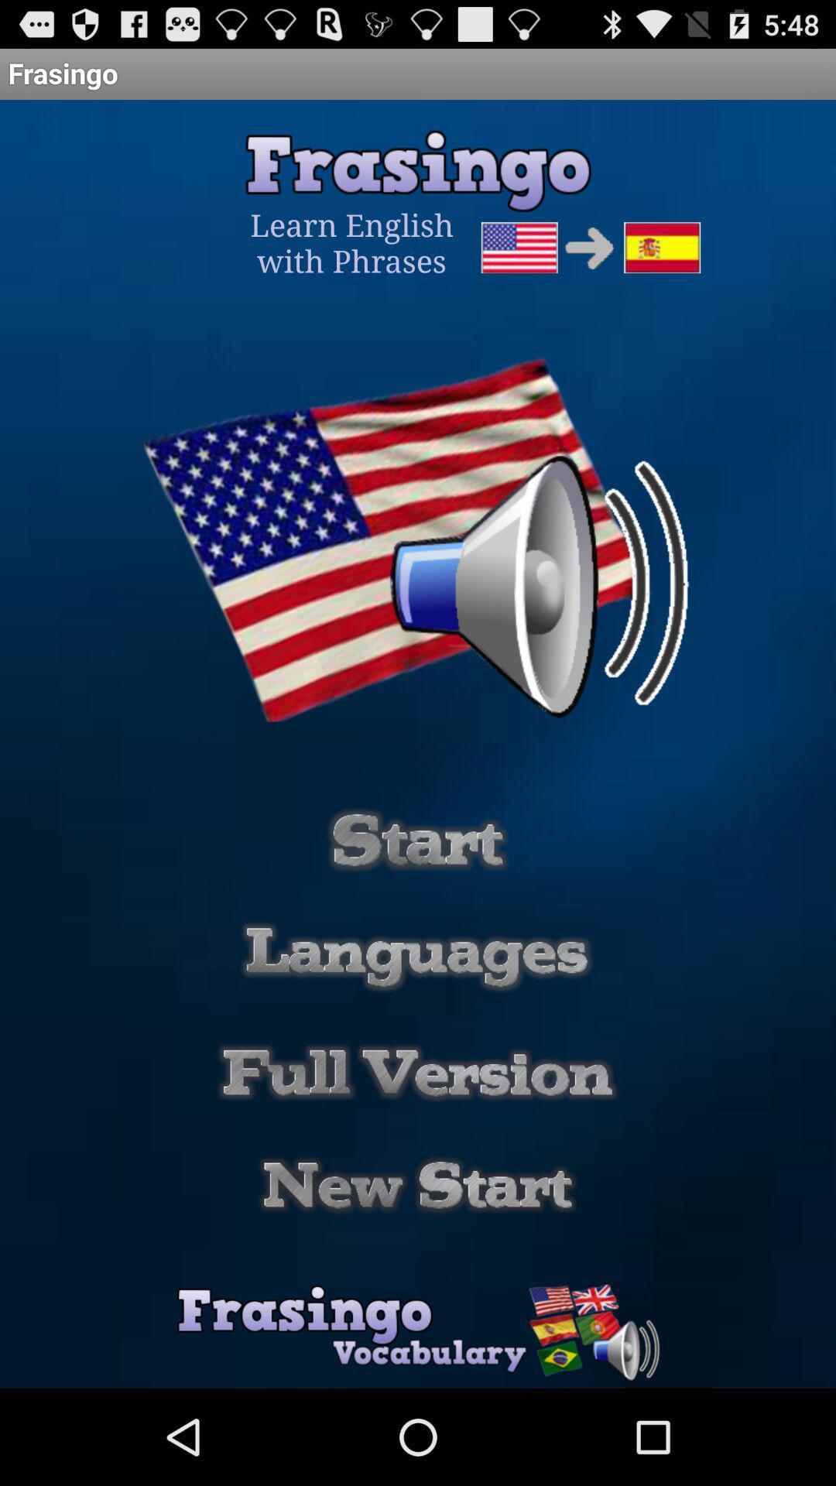 Image resolution: width=836 pixels, height=1486 pixels. I want to click on show full version, so click(418, 1072).